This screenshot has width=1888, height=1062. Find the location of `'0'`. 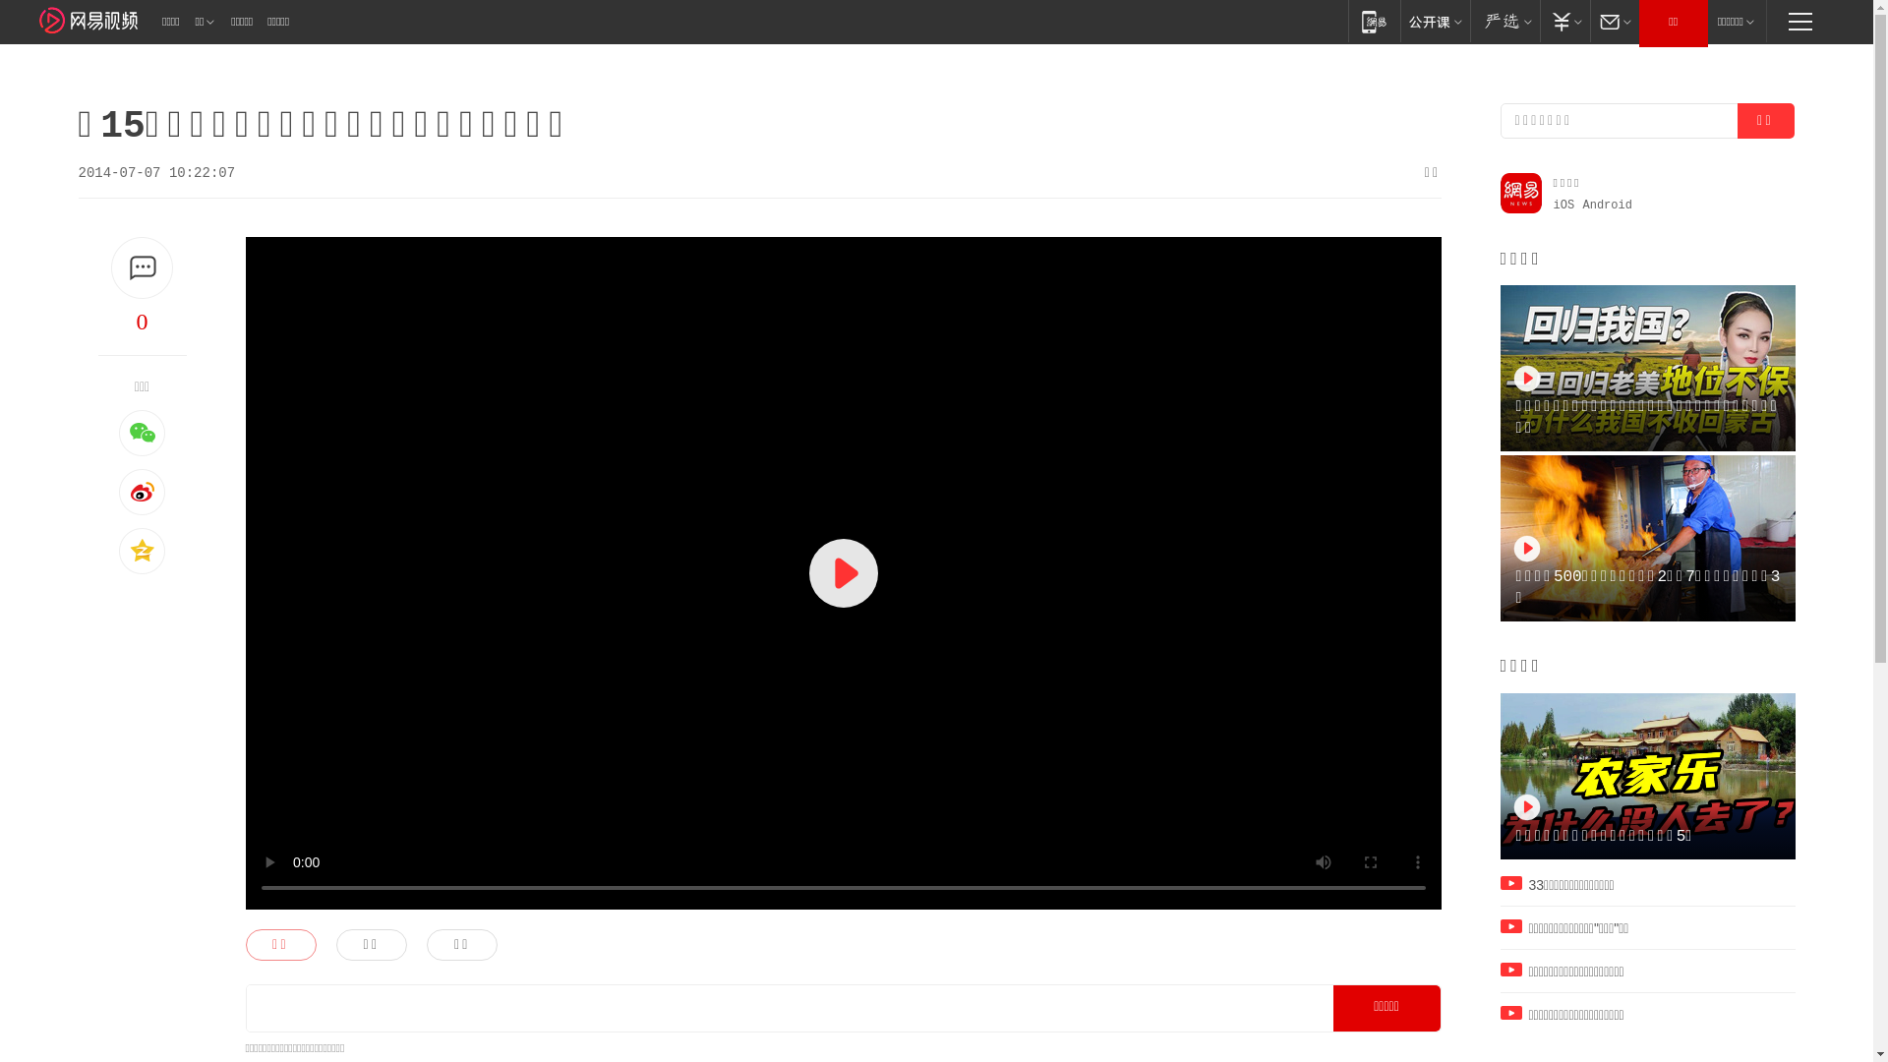

'0' is located at coordinates (141, 321).